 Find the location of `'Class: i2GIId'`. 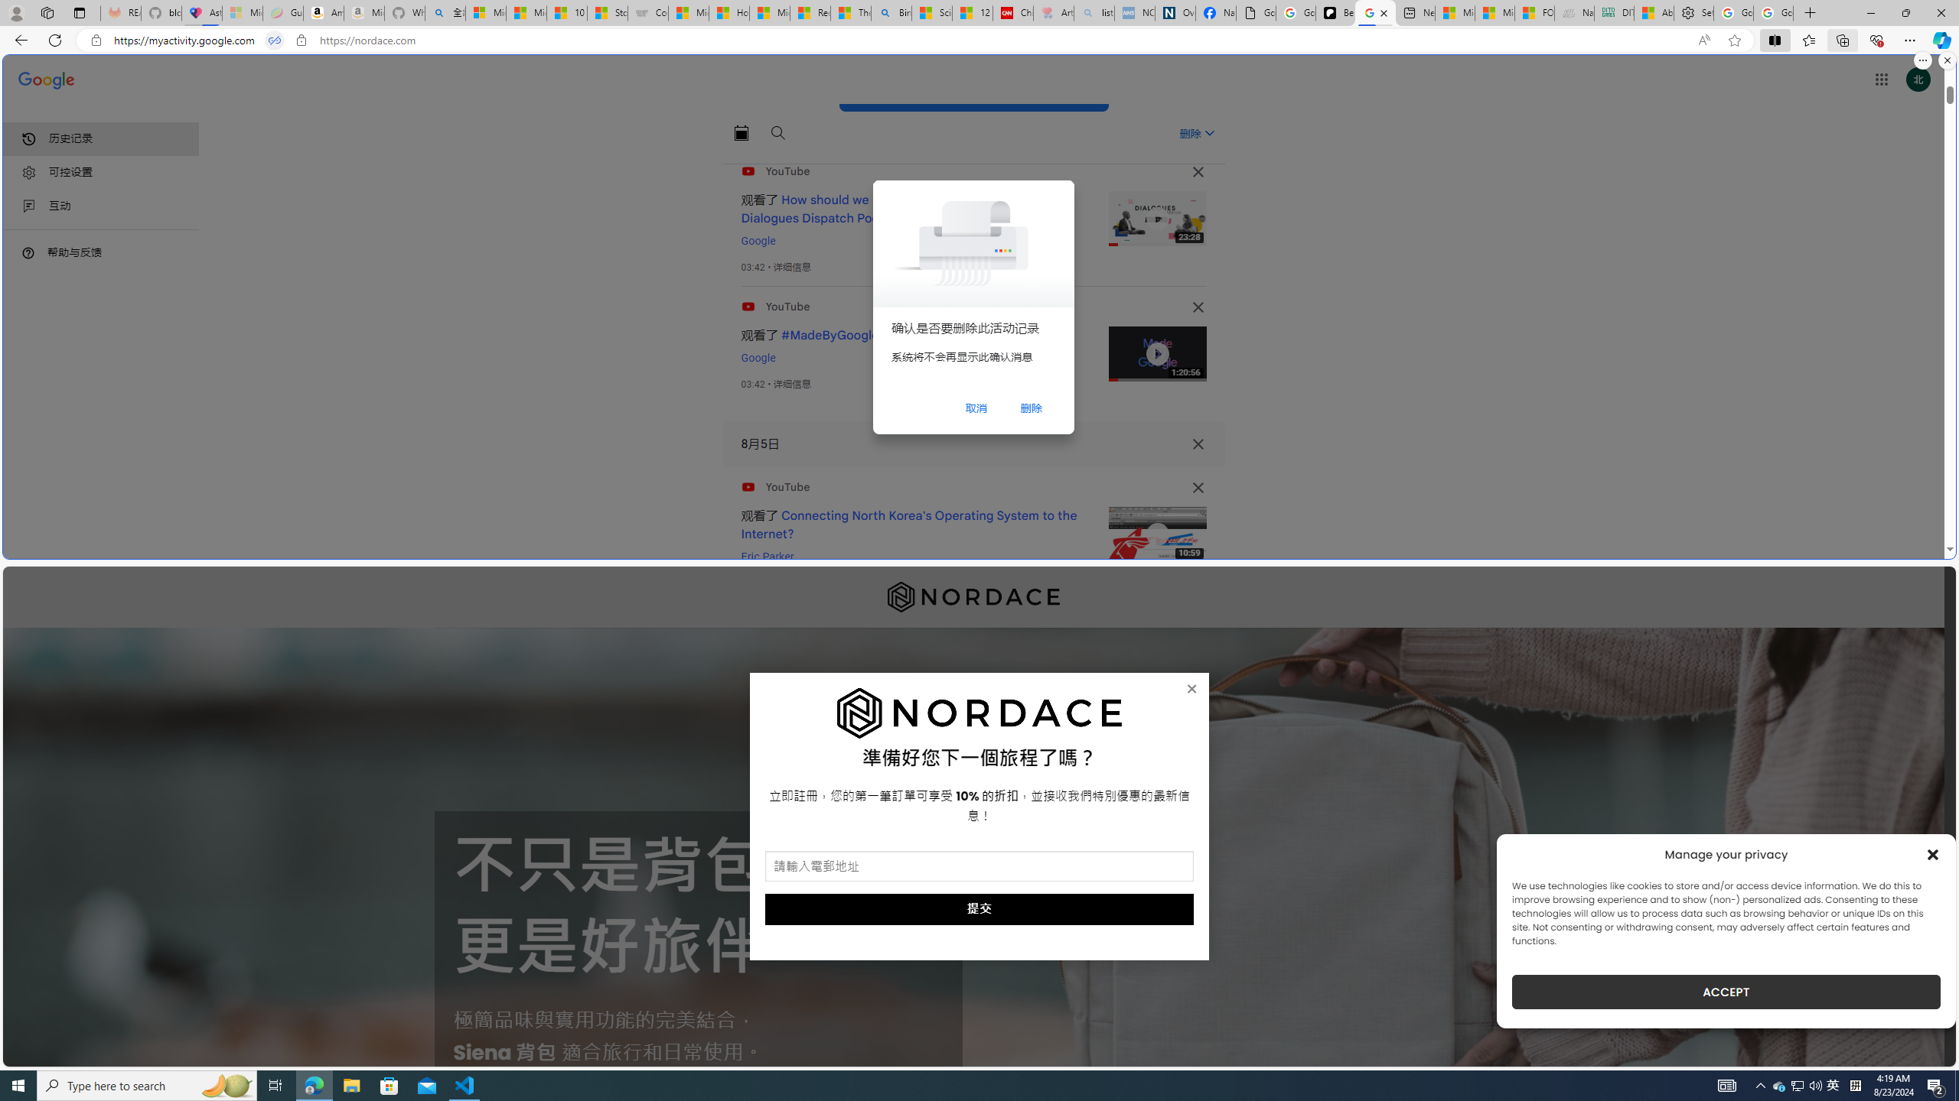

'Class: i2GIId' is located at coordinates (28, 206).